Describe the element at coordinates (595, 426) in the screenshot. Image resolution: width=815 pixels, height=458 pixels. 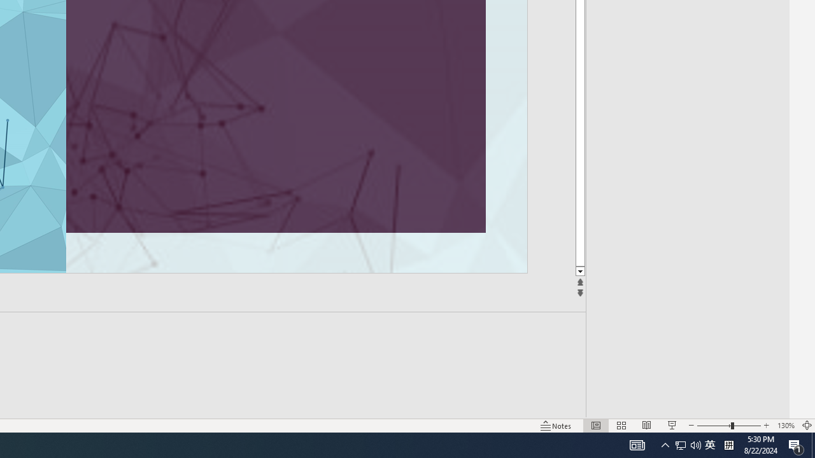
I see `'Normal'` at that location.